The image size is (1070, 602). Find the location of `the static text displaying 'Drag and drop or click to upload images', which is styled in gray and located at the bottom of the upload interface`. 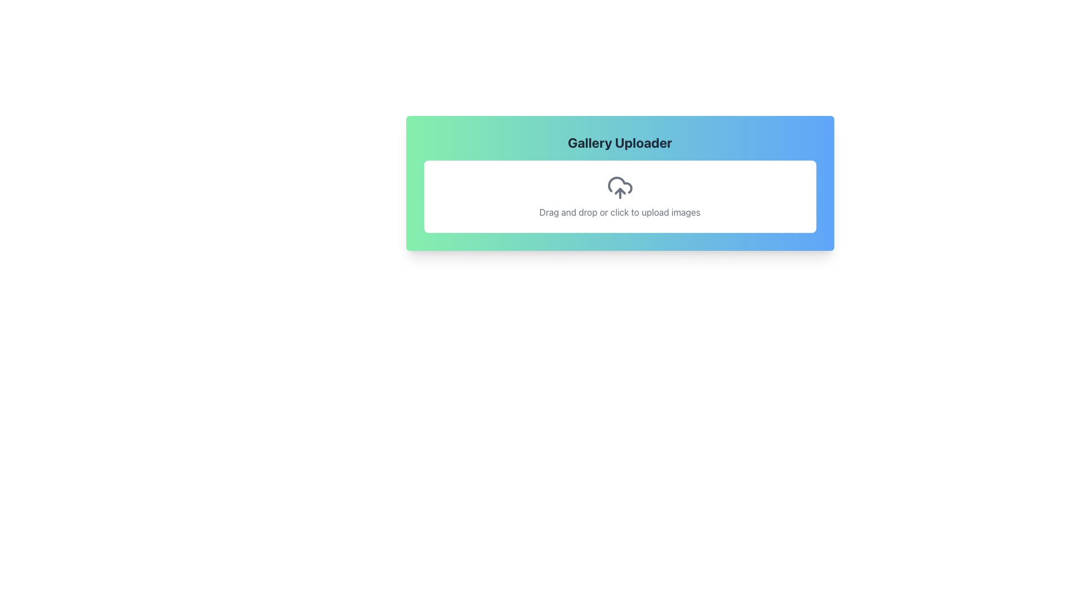

the static text displaying 'Drag and drop or click to upload images', which is styled in gray and located at the bottom of the upload interface is located at coordinates (619, 212).